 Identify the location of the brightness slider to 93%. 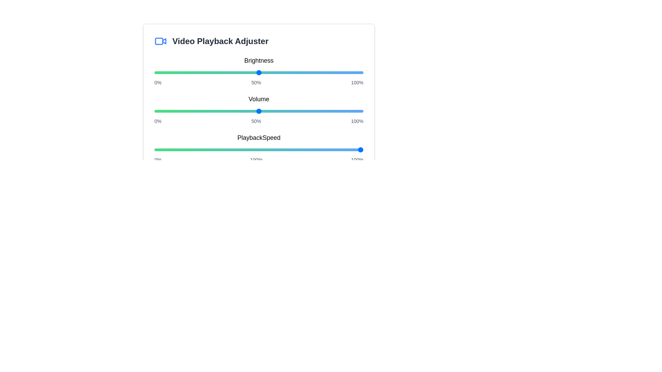
(349, 73).